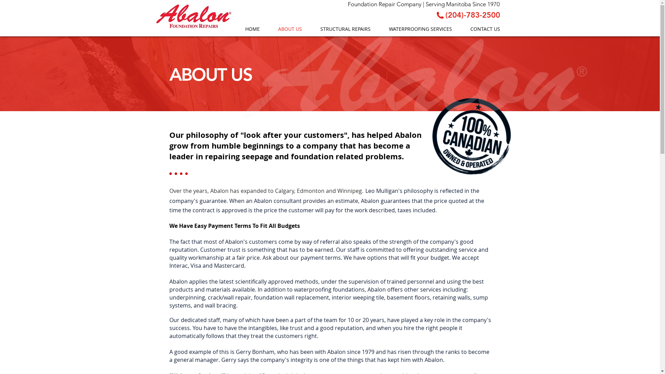  What do you see at coordinates (460, 29) in the screenshot?
I see `'CONTACT US'` at bounding box center [460, 29].